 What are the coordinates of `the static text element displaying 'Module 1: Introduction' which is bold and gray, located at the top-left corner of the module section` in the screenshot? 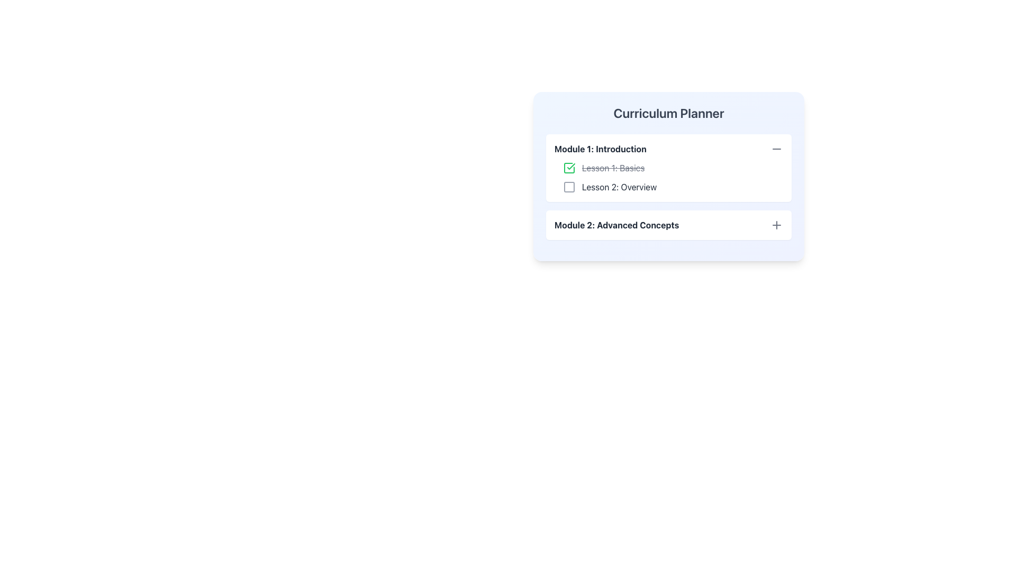 It's located at (600, 149).